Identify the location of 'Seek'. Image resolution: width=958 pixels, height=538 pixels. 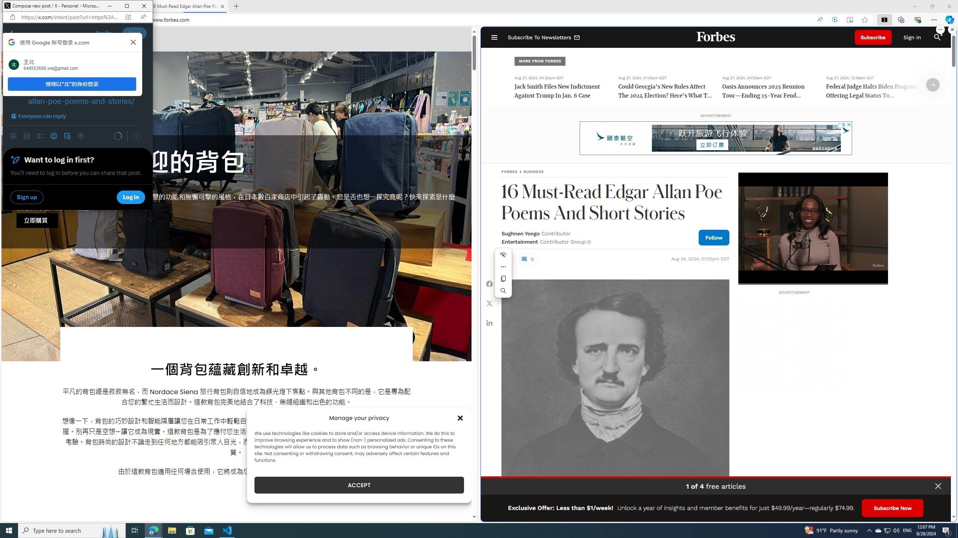
(813, 283).